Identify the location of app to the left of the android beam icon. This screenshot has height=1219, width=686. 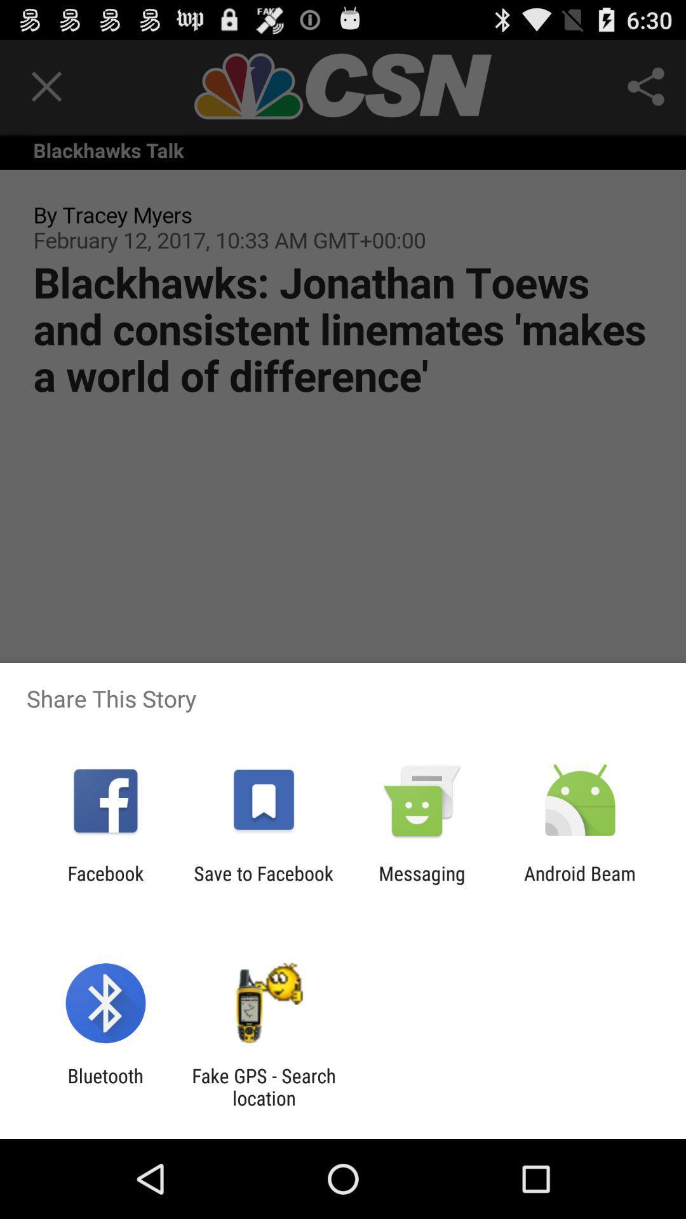
(422, 884).